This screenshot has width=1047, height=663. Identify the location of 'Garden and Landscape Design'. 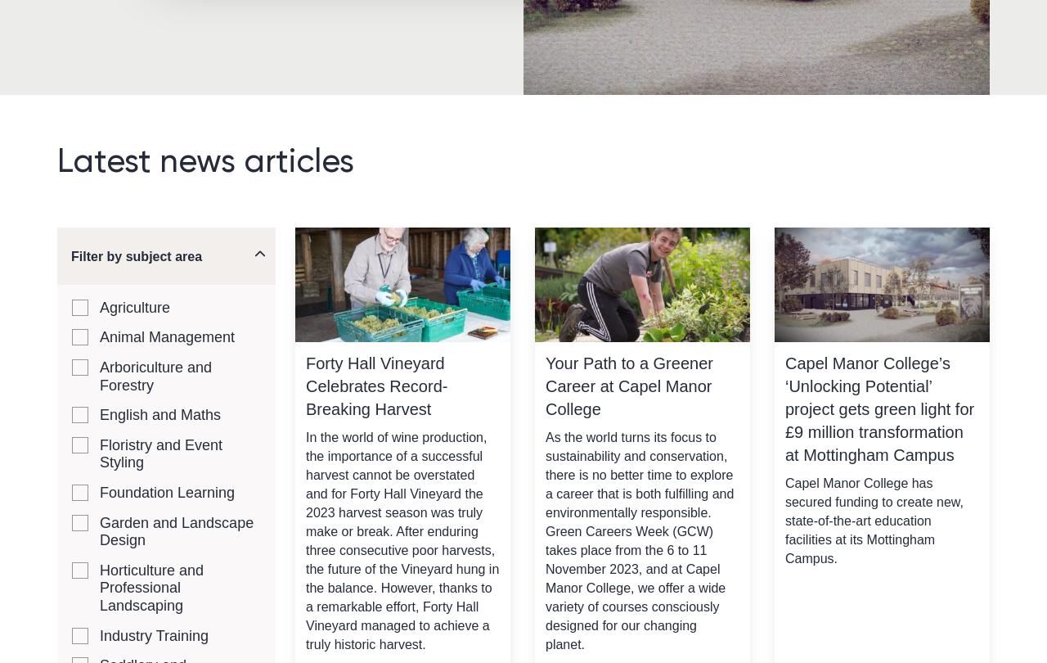
(177, 530).